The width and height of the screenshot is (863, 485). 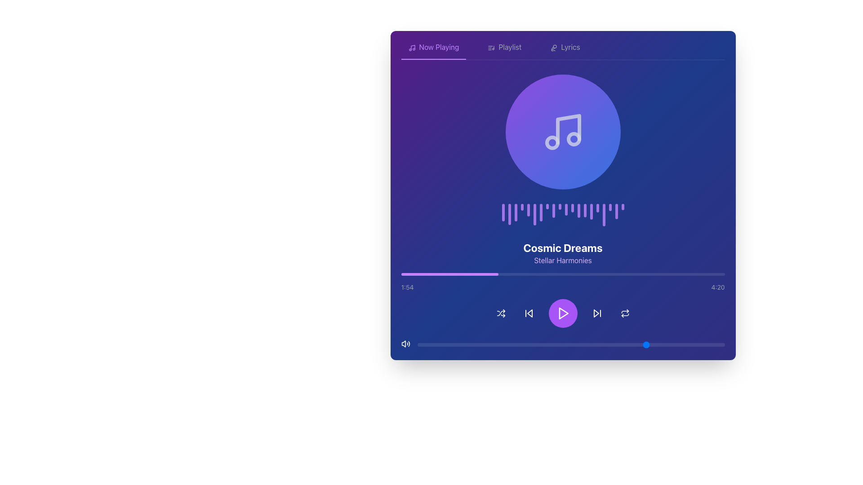 What do you see at coordinates (516, 212) in the screenshot?
I see `the third vertical rounded rectangle bar with a purple gradient fill, which is part of a waveform-style visual located centrally below a circular musical note icon` at bounding box center [516, 212].